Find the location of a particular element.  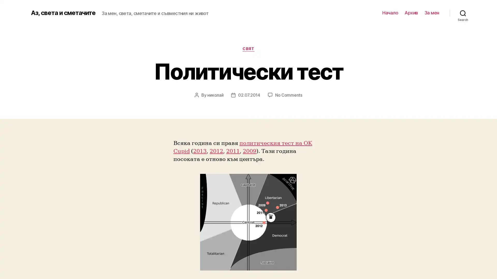

Search is located at coordinates (463, 13).